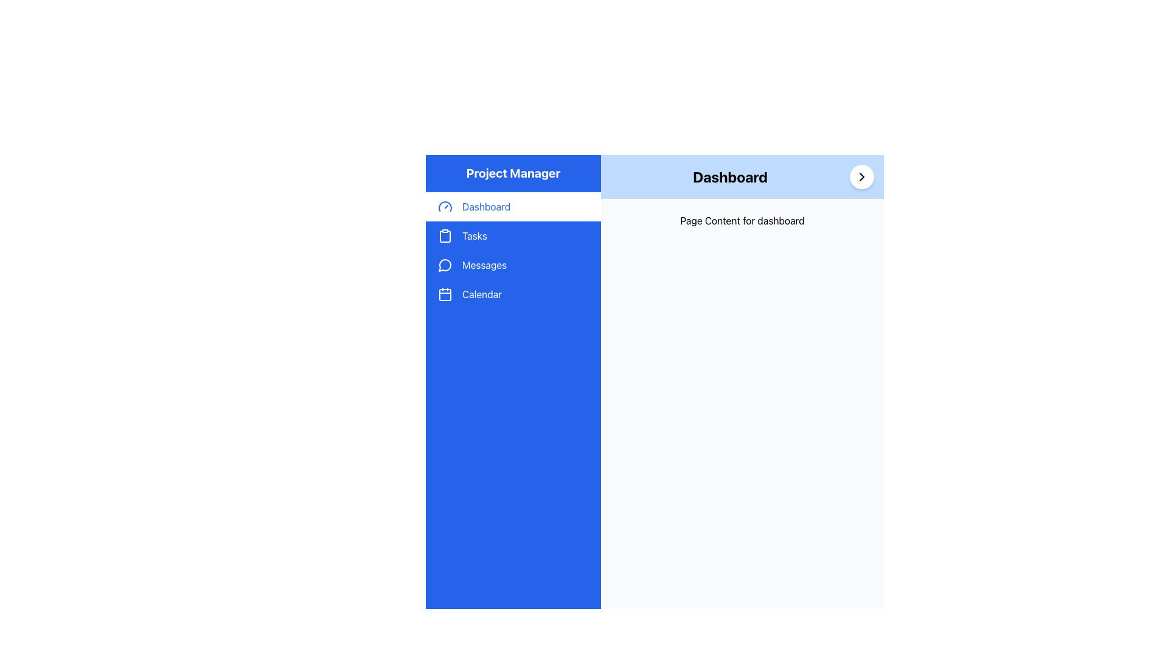  I want to click on the small rectangular graphical decorative element with rounded corners, styled with a blue background, located within the calendar icon on the fourth menu item of the vertical navigation bar, so click(444, 295).